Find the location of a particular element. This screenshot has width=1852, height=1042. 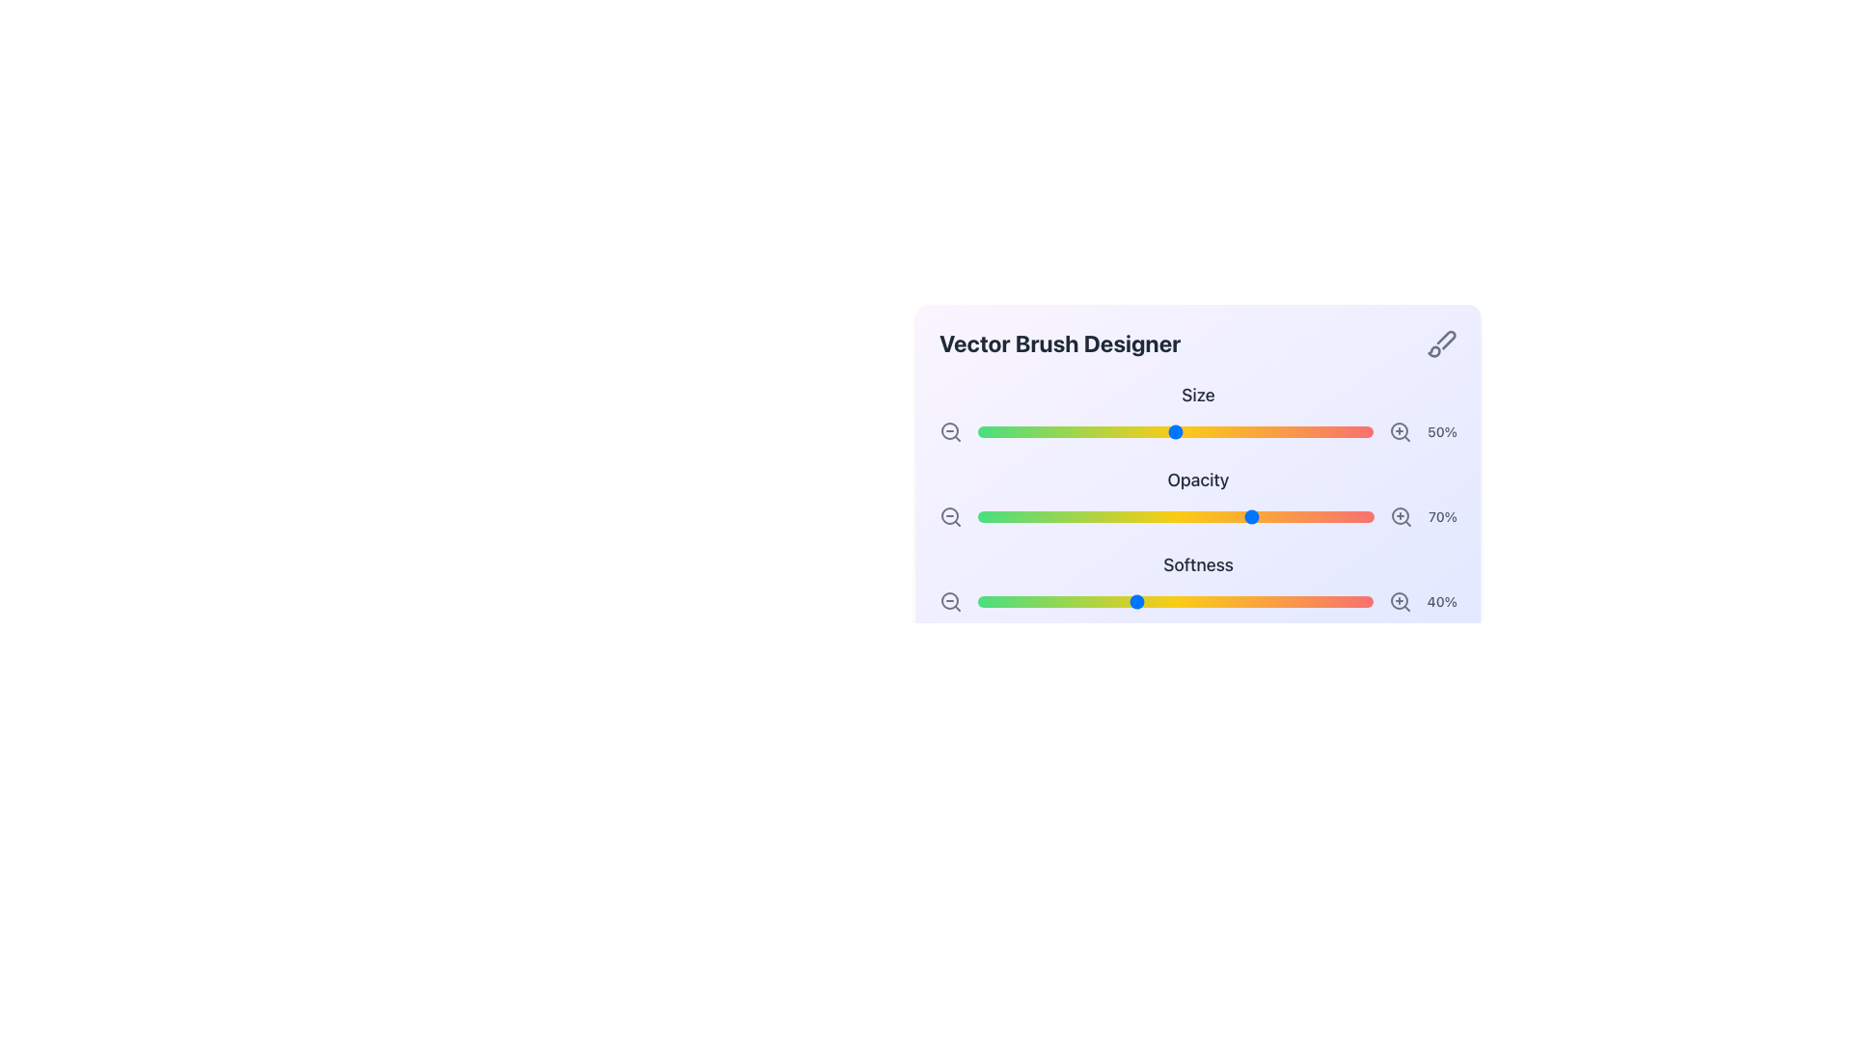

opacity is located at coordinates (1226, 516).